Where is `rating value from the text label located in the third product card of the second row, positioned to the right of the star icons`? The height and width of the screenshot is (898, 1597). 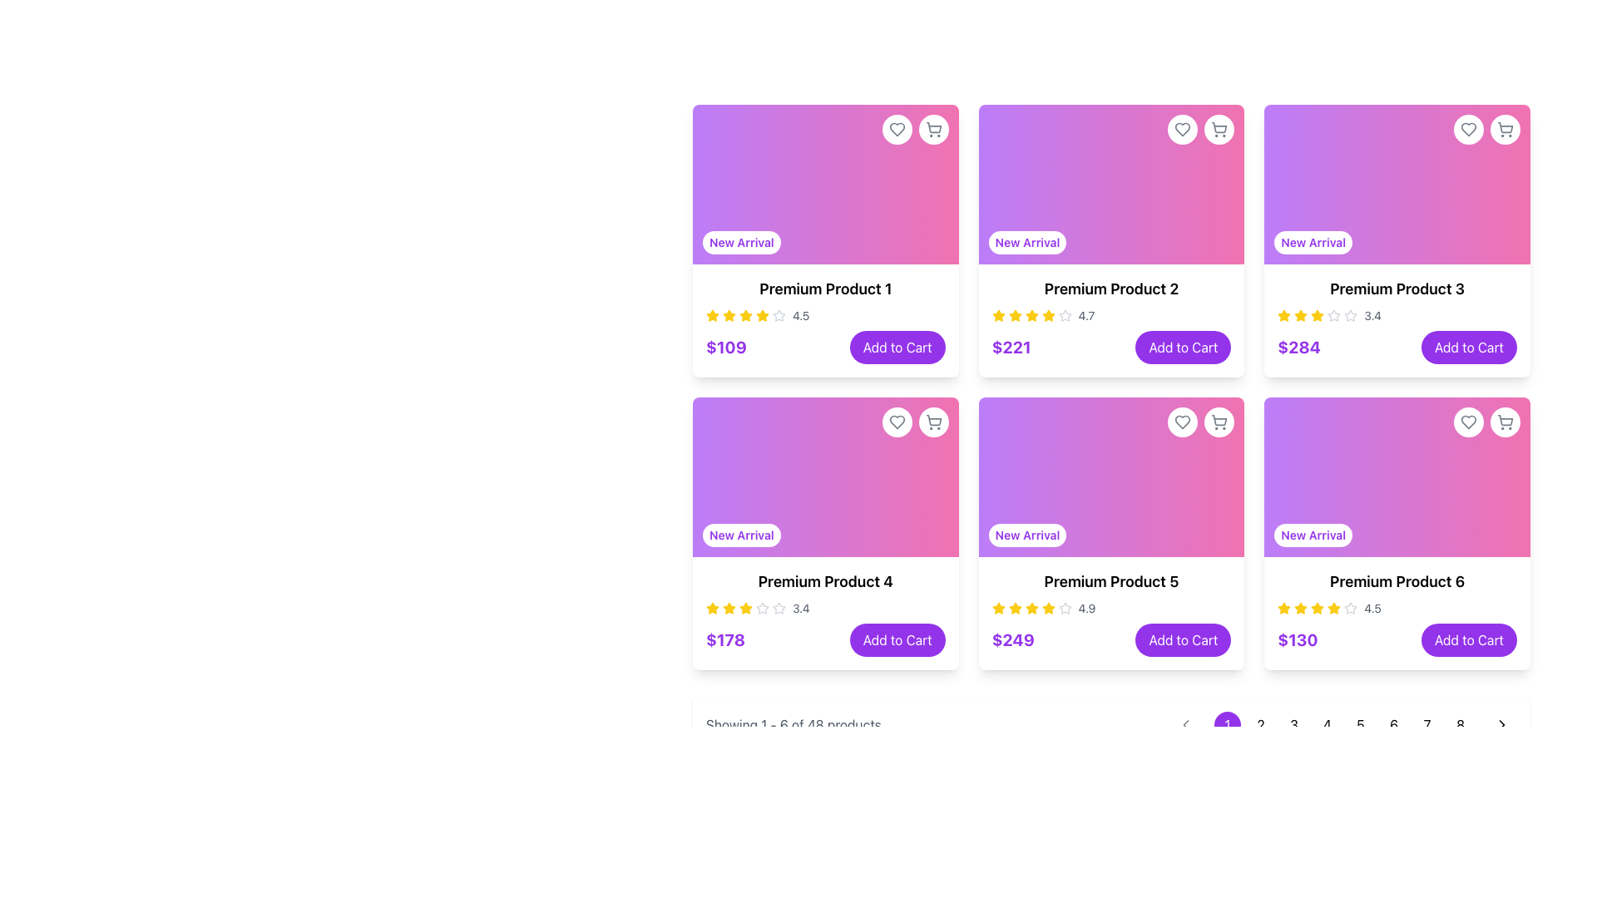 rating value from the text label located in the third product card of the second row, positioned to the right of the star icons is located at coordinates (801, 609).